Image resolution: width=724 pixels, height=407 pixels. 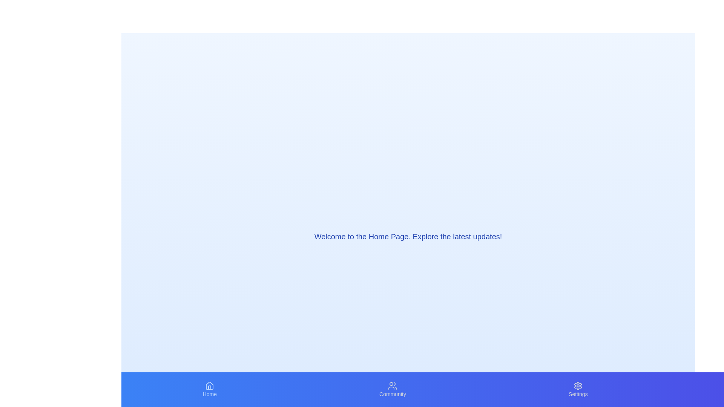 What do you see at coordinates (392, 386) in the screenshot?
I see `the user group icon located in the navigation bar, which is centered above the 'Community' text` at bounding box center [392, 386].